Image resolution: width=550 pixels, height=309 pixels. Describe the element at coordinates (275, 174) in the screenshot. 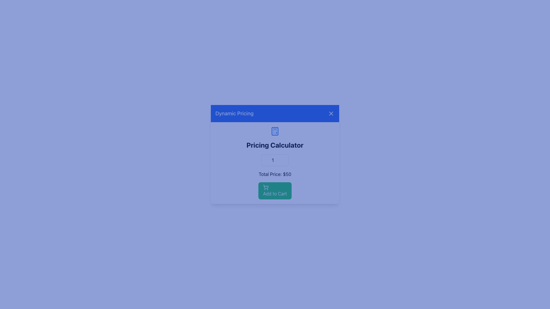

I see `the static text label that displays the total calculated price in the 'Pricing Calculator' interface, which is located centrally below the numeric input field and above the 'Add to Cart' button` at that location.